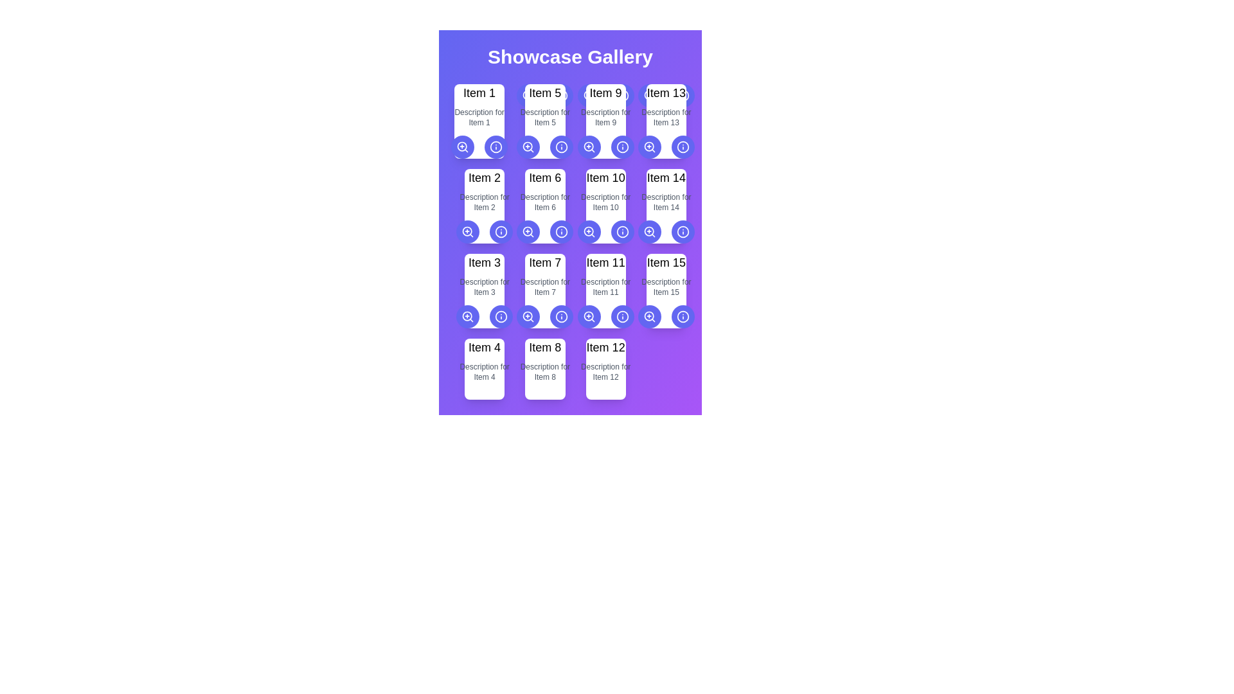 This screenshot has height=694, width=1234. I want to click on the circular icon with an 'i' symbol, which is the second icon in the 'Item 6' panel, so click(562, 232).